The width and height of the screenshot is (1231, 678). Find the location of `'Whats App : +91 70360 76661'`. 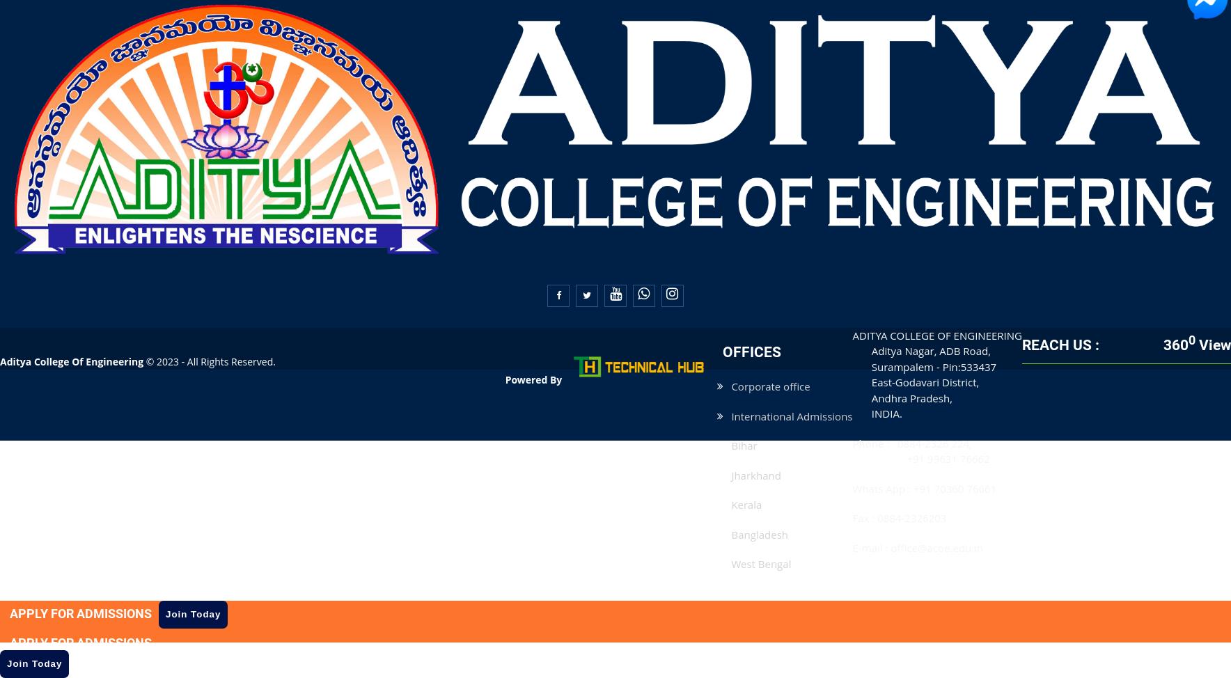

'Whats App : +91 70360 76661' is located at coordinates (923, 487).